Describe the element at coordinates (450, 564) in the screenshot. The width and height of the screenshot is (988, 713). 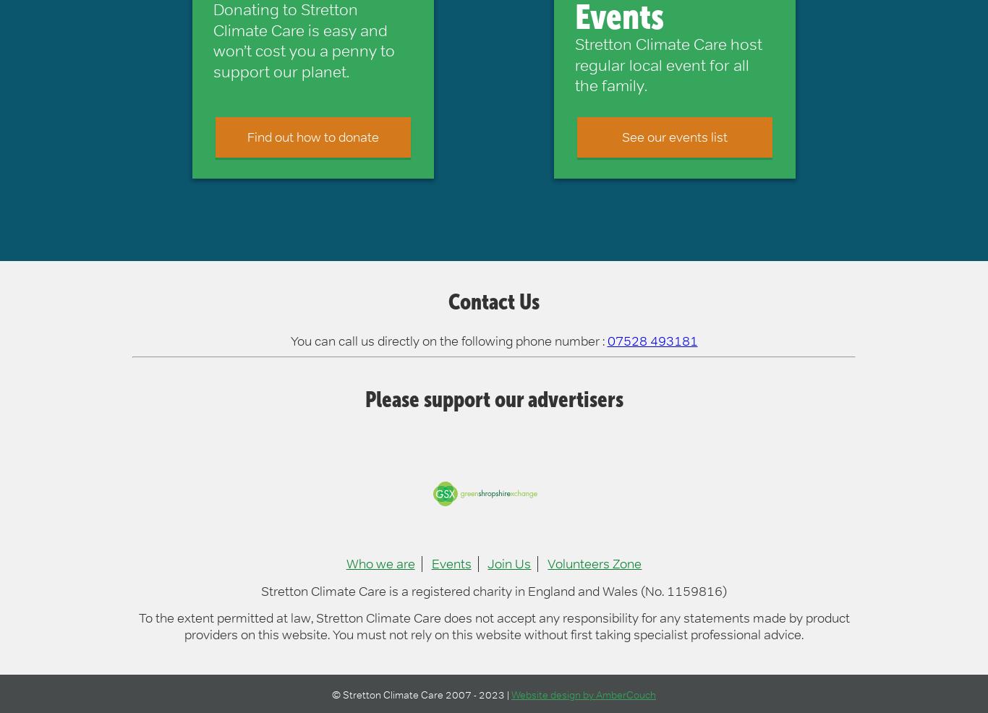
I see `'Events'` at that location.